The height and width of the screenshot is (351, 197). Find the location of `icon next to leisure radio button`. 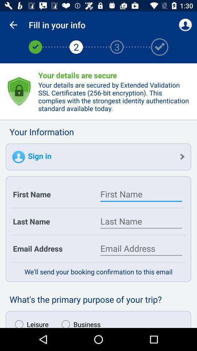

icon next to leisure radio button is located at coordinates (79, 322).